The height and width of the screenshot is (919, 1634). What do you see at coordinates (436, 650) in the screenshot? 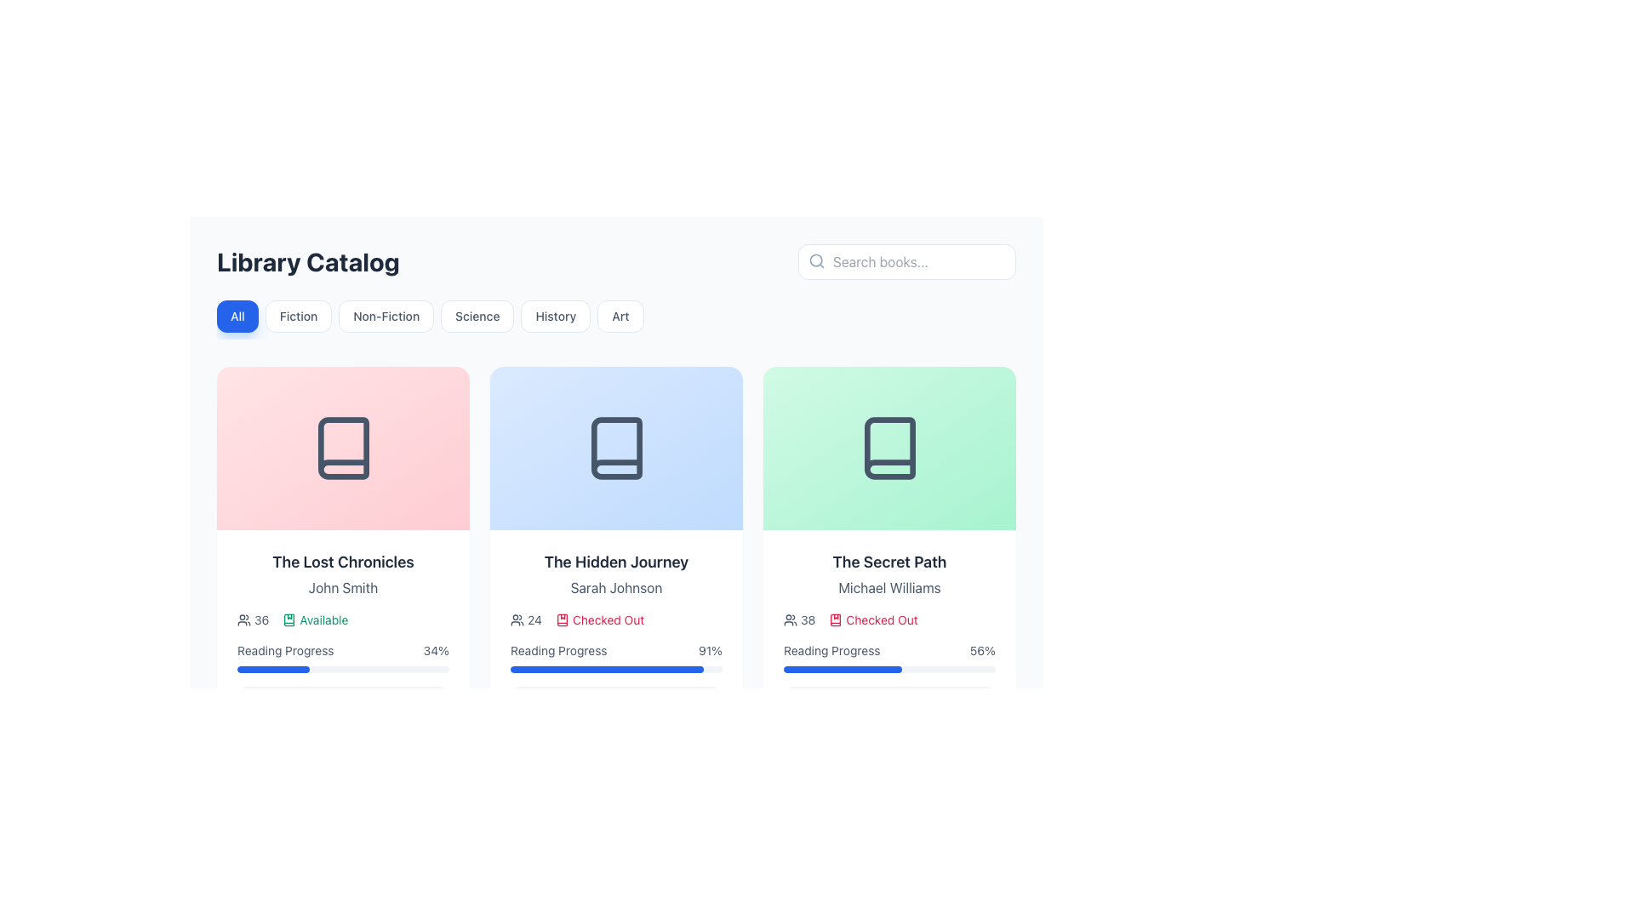
I see `the numeric indicator displaying '34%' which signifies the reading progress in the card layout for 'The Lost Chronicles'` at bounding box center [436, 650].